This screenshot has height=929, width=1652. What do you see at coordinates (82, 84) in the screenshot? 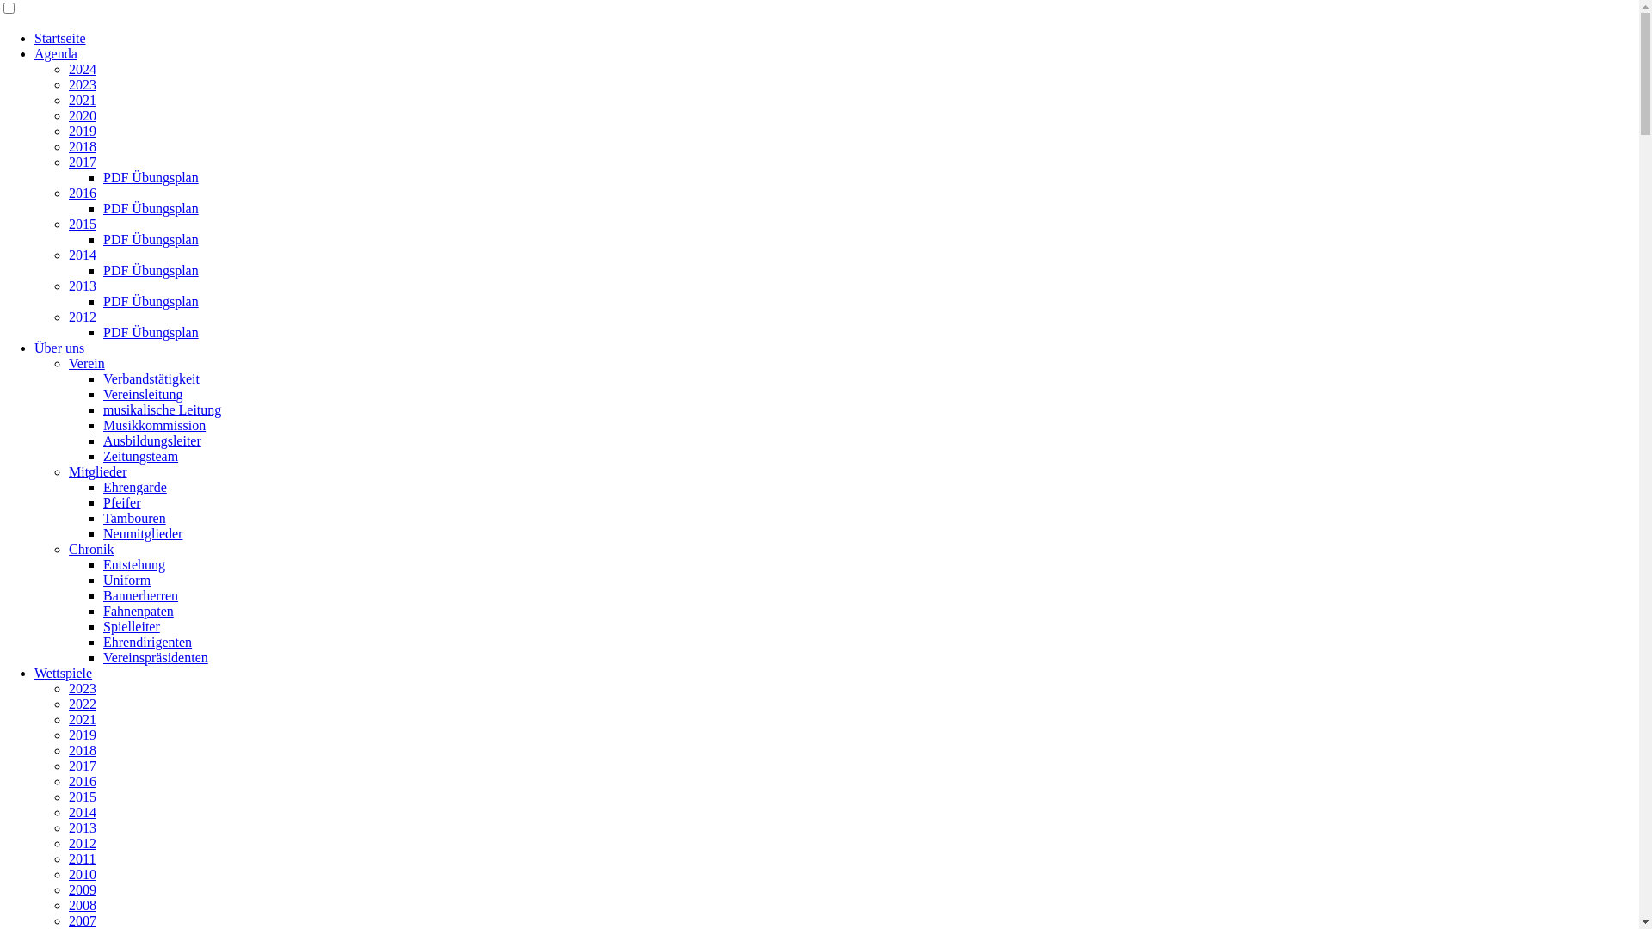
I see `'2023'` at bounding box center [82, 84].